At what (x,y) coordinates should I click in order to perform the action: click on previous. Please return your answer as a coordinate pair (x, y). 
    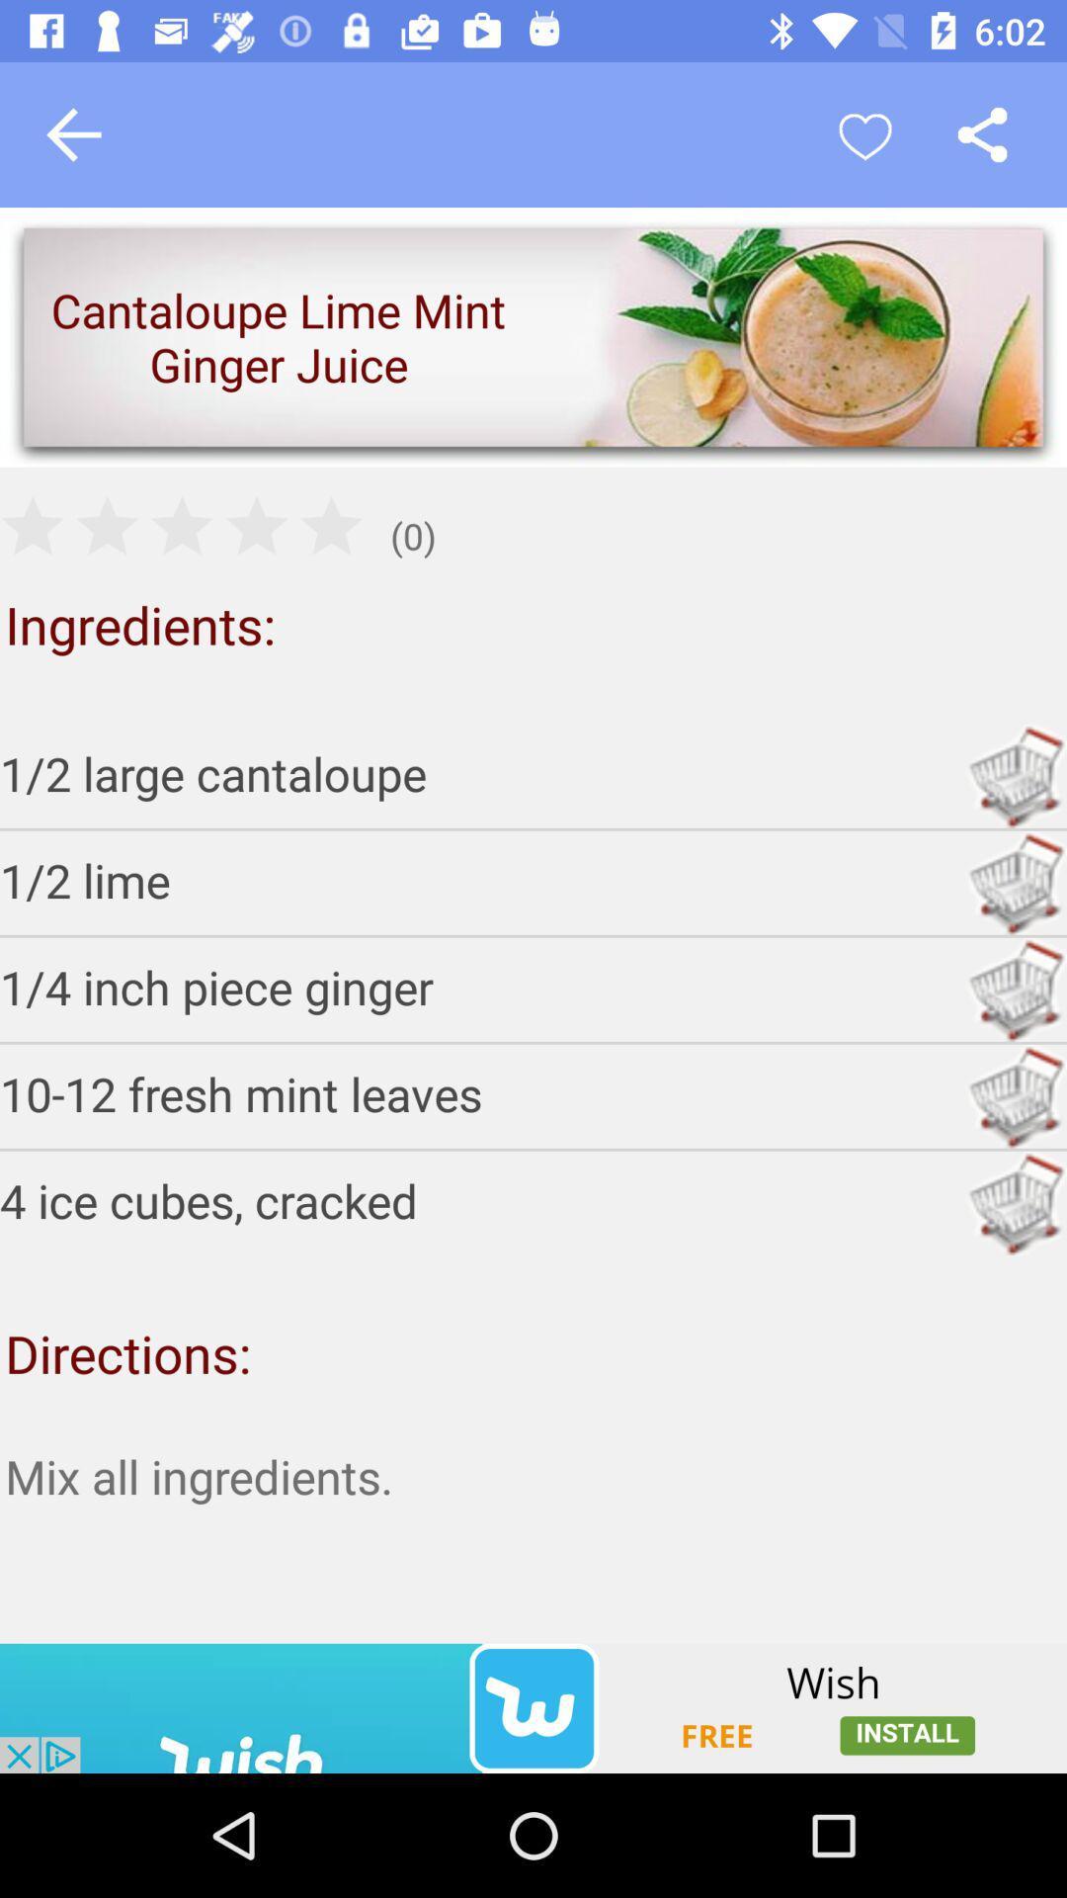
    Looking at the image, I should click on (72, 133).